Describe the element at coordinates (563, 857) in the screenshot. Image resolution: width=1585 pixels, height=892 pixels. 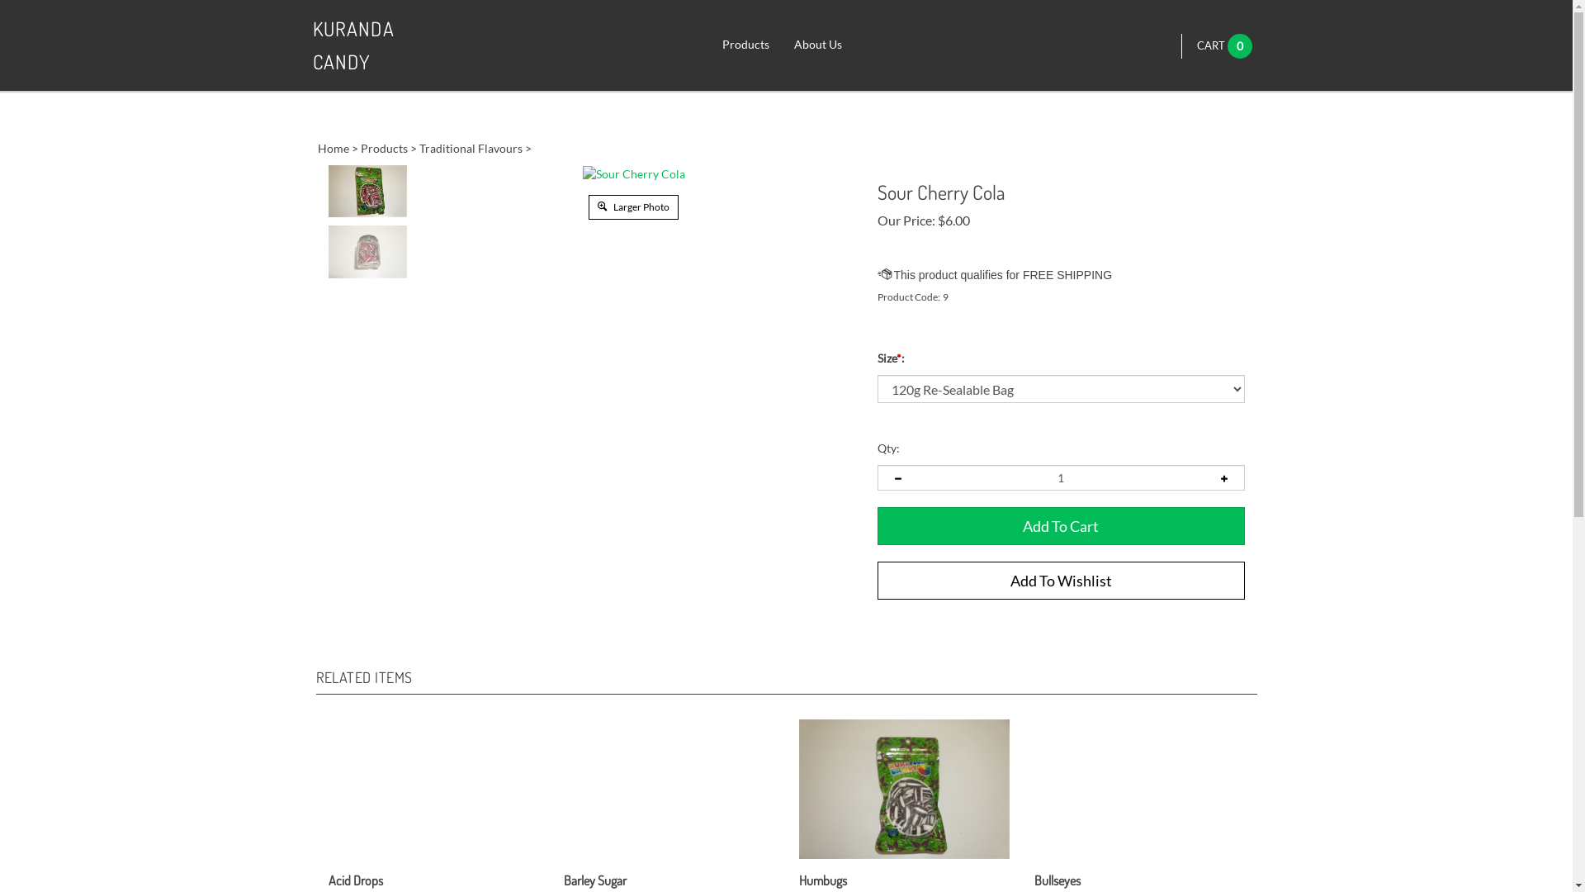
I see `'Barley Sugar'` at that location.